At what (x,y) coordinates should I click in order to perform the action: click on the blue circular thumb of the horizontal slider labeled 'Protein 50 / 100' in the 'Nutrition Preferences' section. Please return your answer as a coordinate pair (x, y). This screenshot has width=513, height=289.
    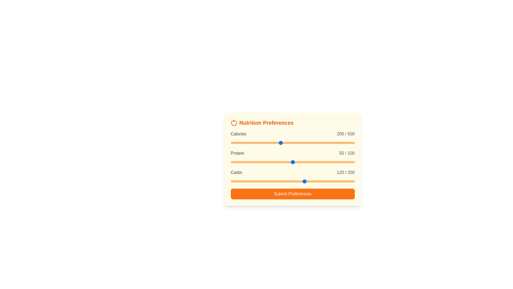
    Looking at the image, I should click on (292, 162).